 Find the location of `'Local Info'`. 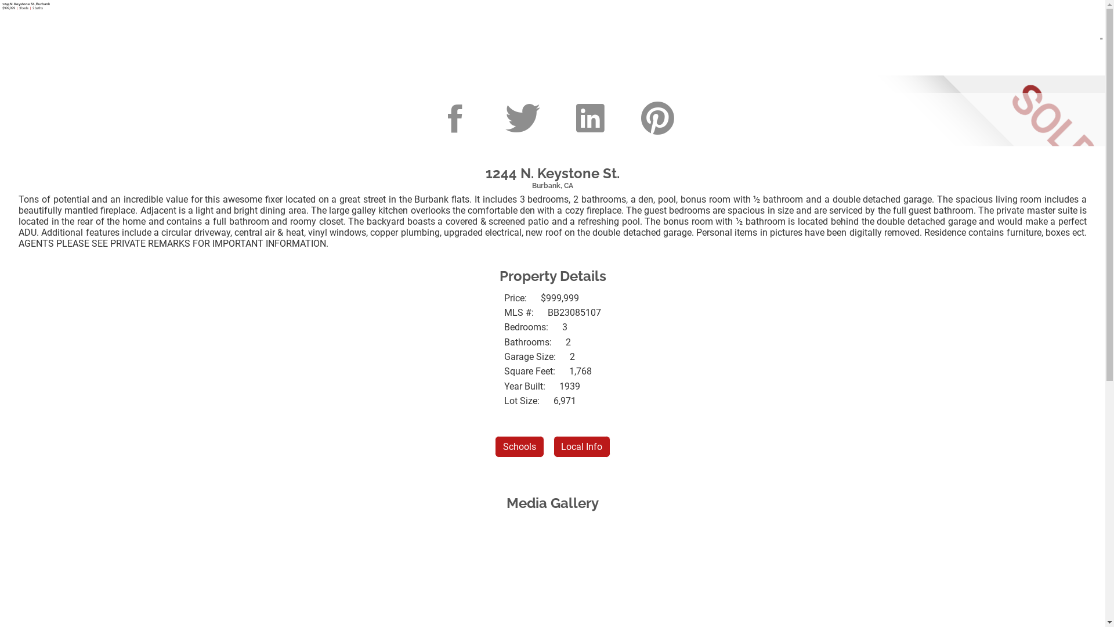

'Local Info' is located at coordinates (582, 446).